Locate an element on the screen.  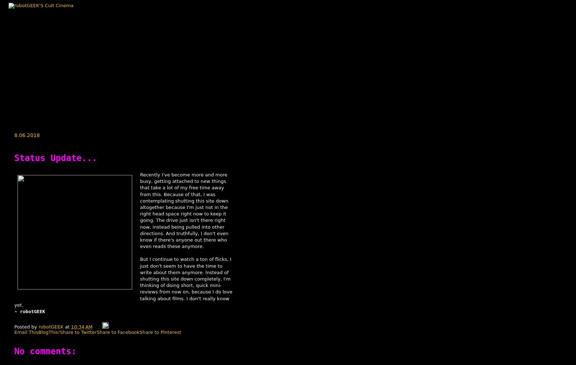
'8.06.2018' is located at coordinates (27, 135).